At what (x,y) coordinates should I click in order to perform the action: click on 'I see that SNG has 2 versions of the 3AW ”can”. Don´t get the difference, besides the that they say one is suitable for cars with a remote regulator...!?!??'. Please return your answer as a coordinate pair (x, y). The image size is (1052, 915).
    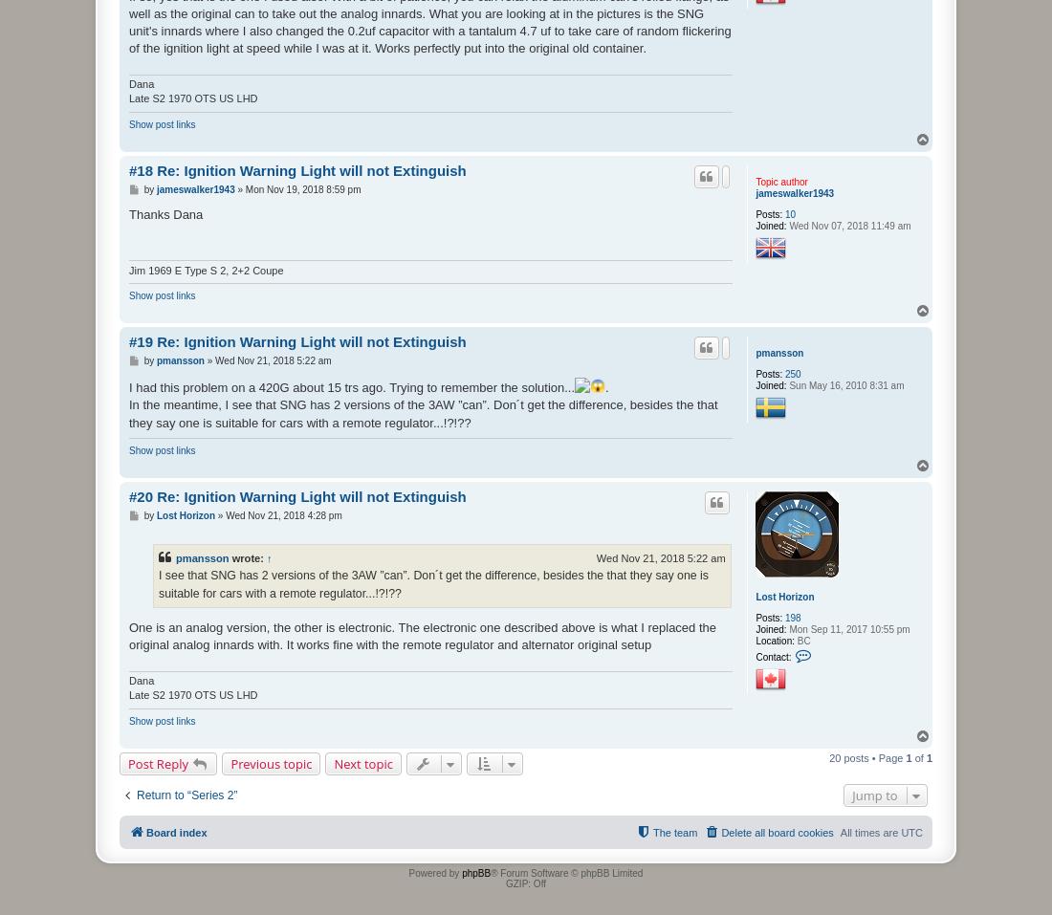
    Looking at the image, I should click on (431, 583).